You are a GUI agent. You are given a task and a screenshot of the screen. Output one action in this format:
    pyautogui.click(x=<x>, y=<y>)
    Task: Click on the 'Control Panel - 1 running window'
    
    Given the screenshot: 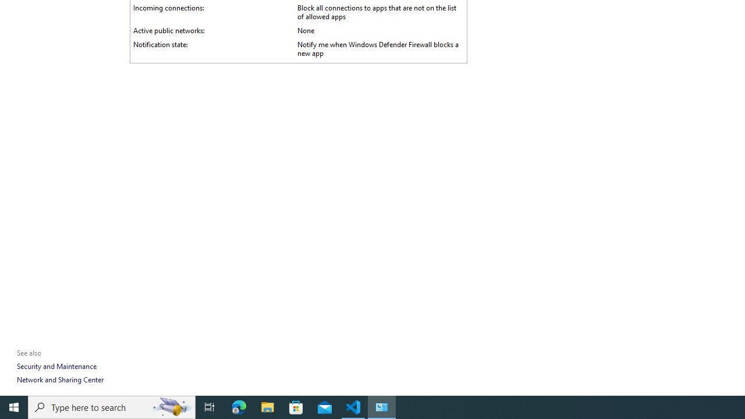 What is the action you would take?
    pyautogui.click(x=382, y=406)
    